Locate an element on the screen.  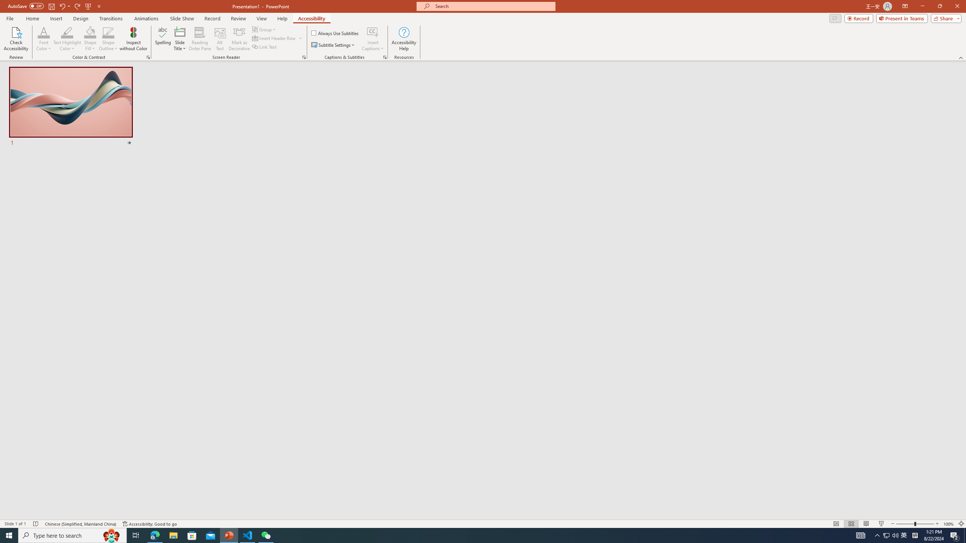
'Subtitle Settings' is located at coordinates (334, 44).